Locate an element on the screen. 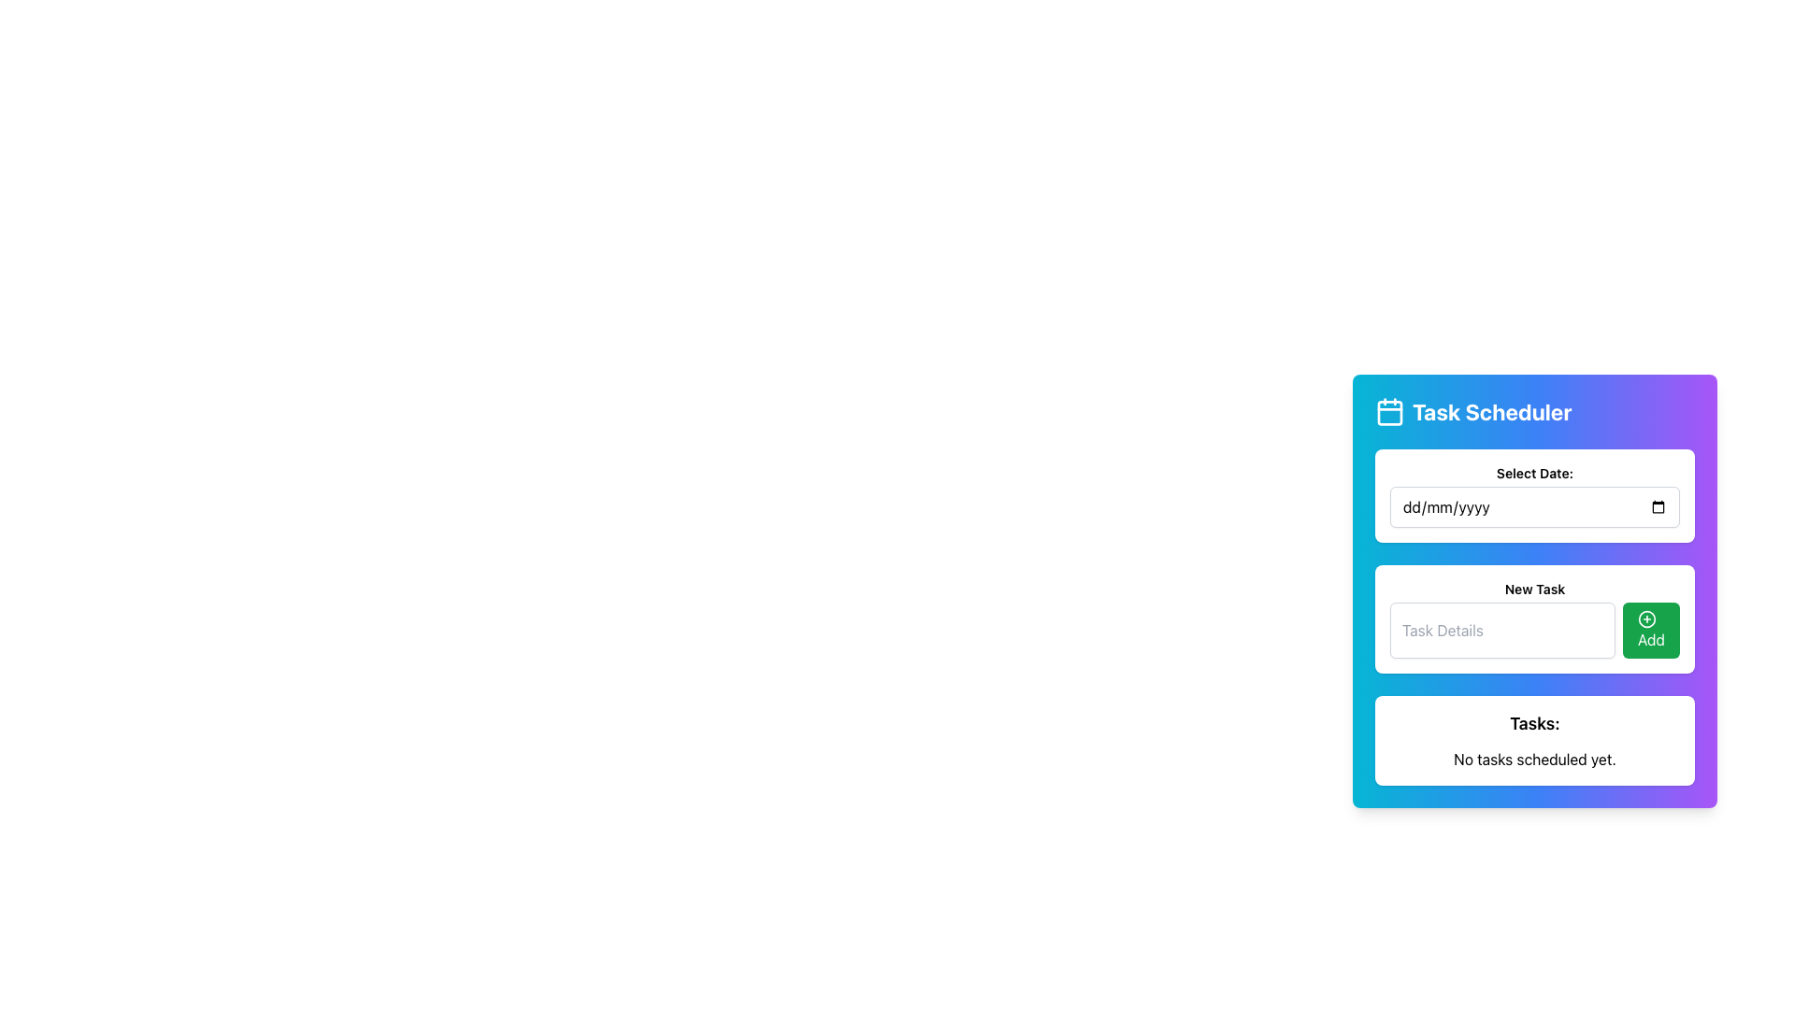 This screenshot has height=1009, width=1795. the Informational panel that displays 'Tasks:' and 'No tasks scheduled yet.' is located at coordinates (1534, 740).